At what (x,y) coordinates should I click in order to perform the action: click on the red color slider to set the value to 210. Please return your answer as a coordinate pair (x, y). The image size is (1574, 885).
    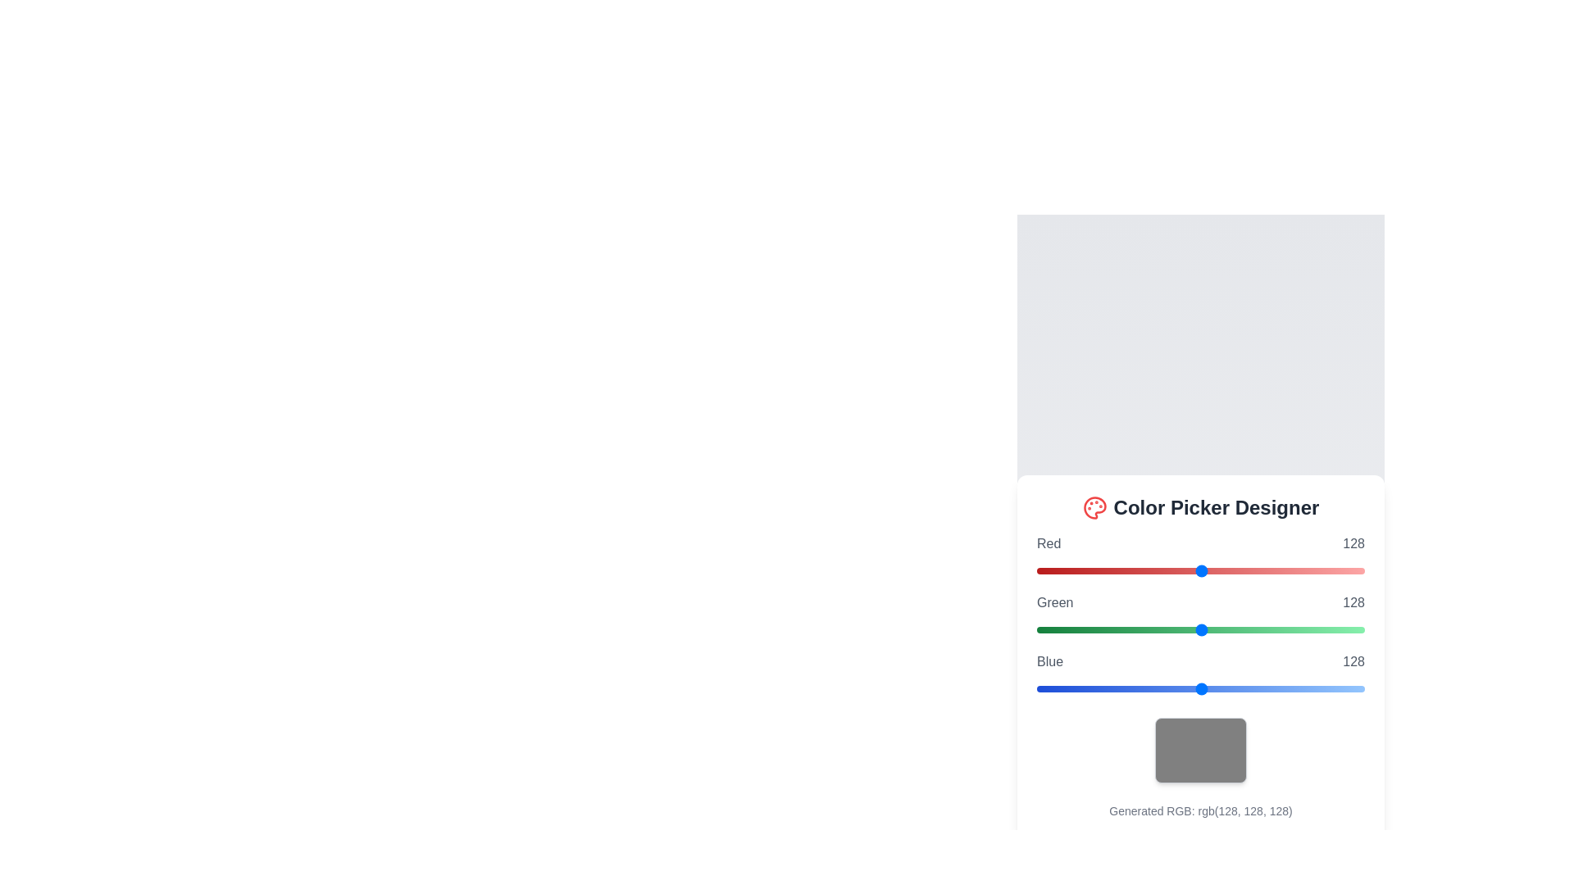
    Looking at the image, I should click on (1306, 570).